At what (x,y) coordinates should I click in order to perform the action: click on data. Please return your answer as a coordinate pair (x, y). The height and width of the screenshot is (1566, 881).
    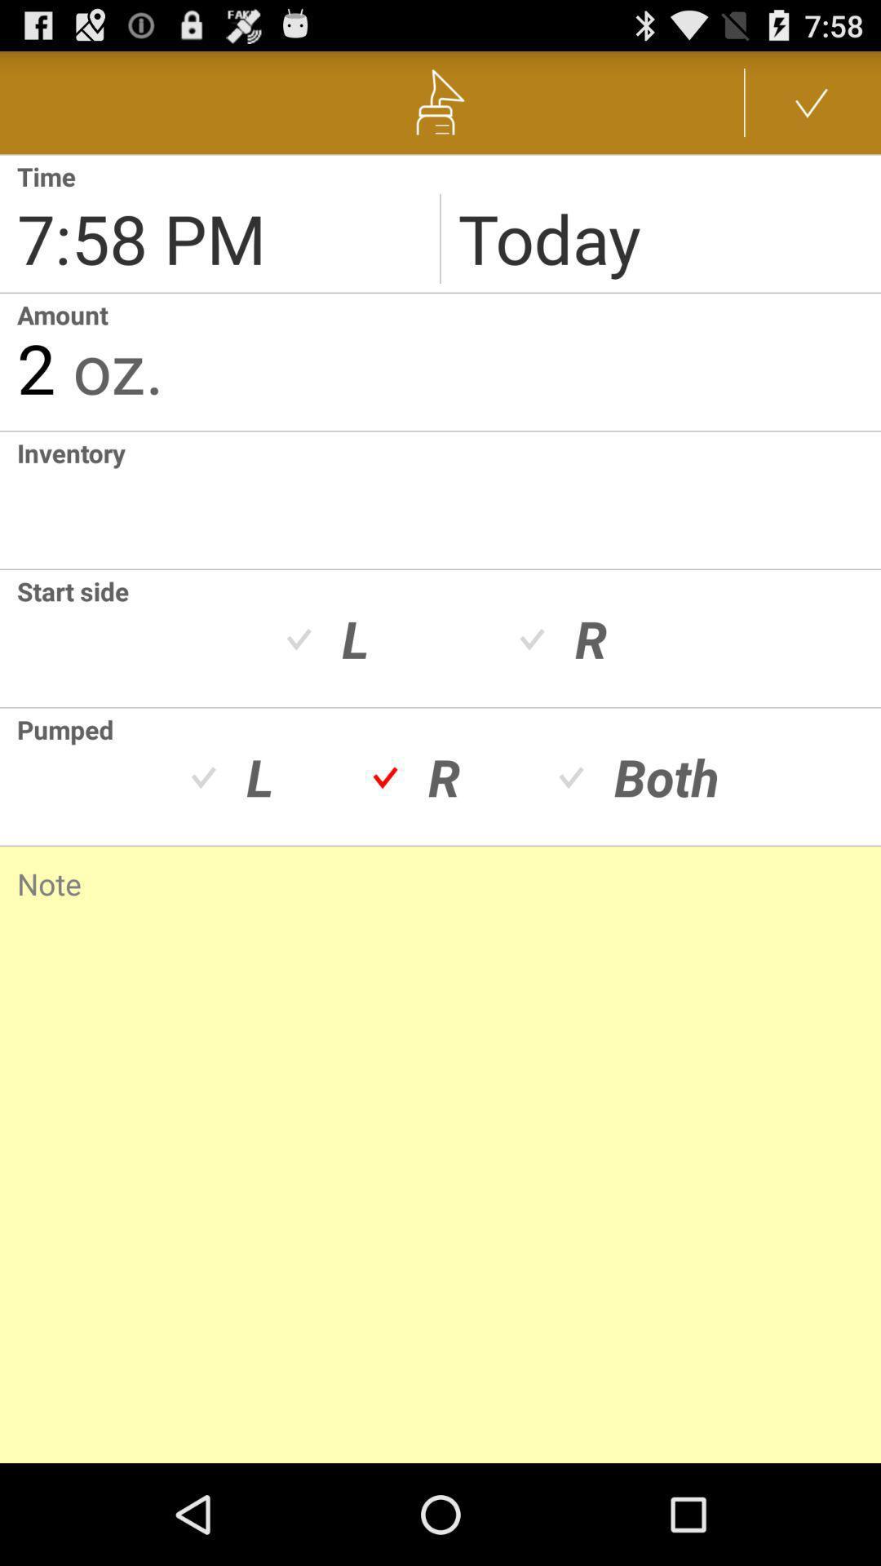
    Looking at the image, I should click on (812, 101).